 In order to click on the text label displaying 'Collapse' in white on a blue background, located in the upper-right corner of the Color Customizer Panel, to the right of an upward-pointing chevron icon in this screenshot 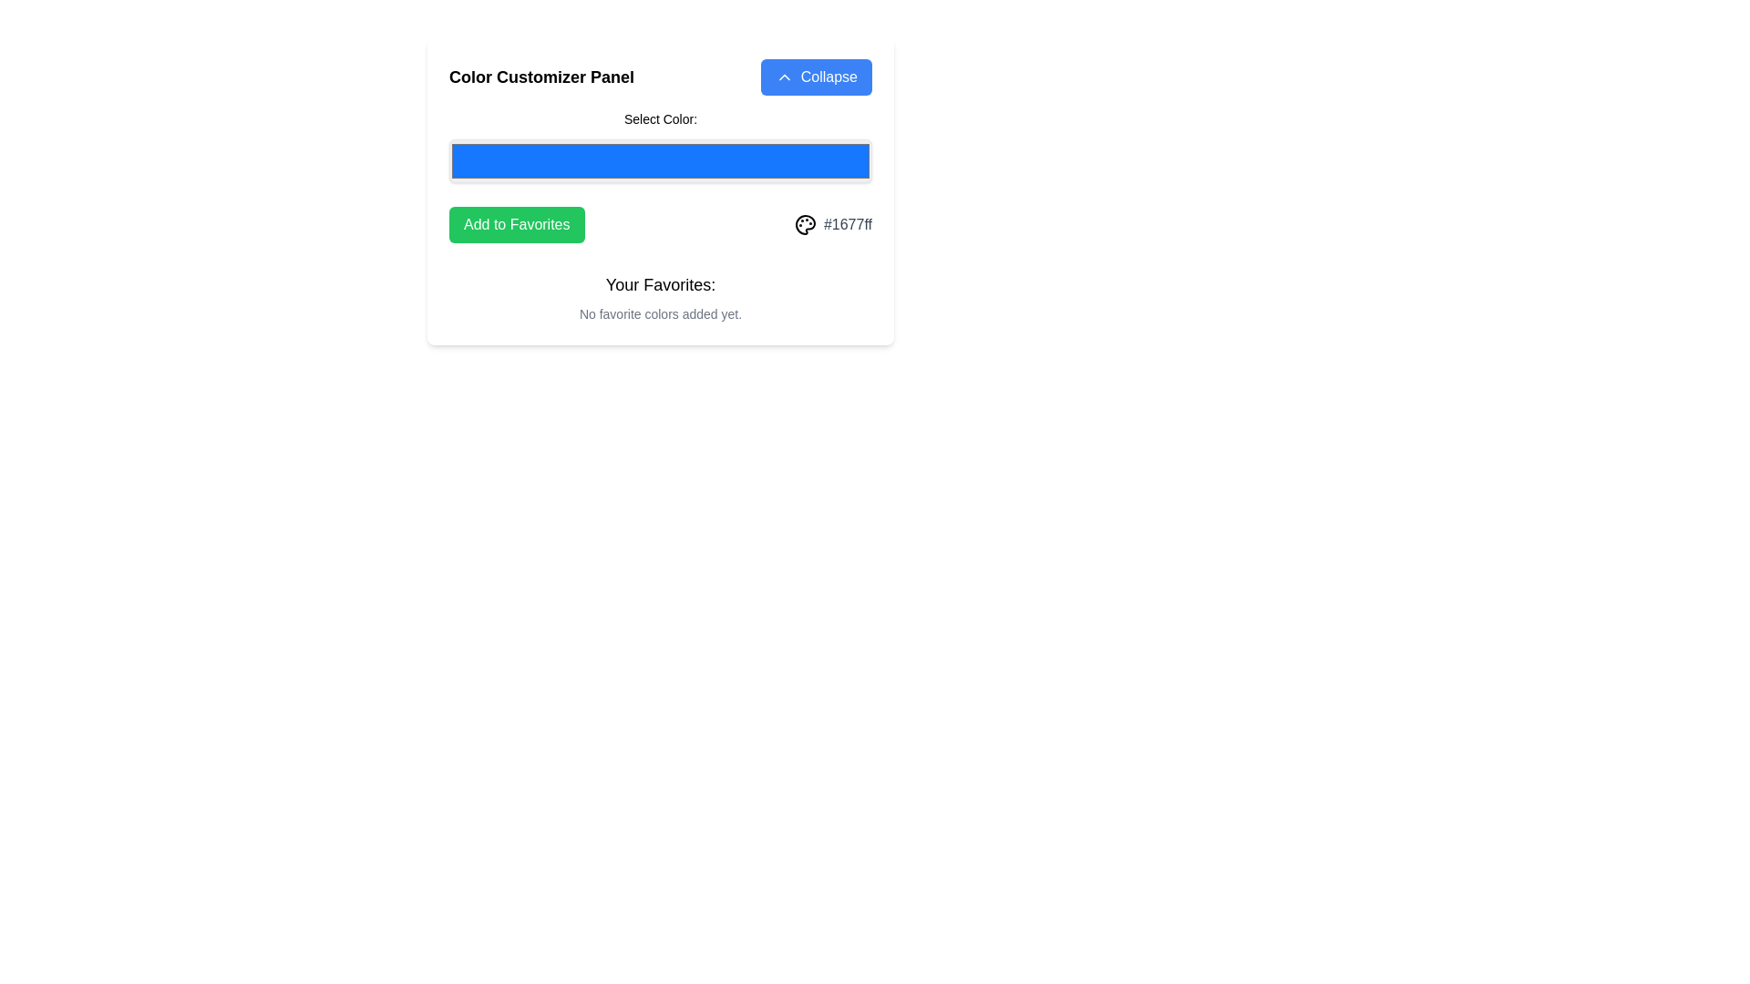, I will do `click(828, 76)`.